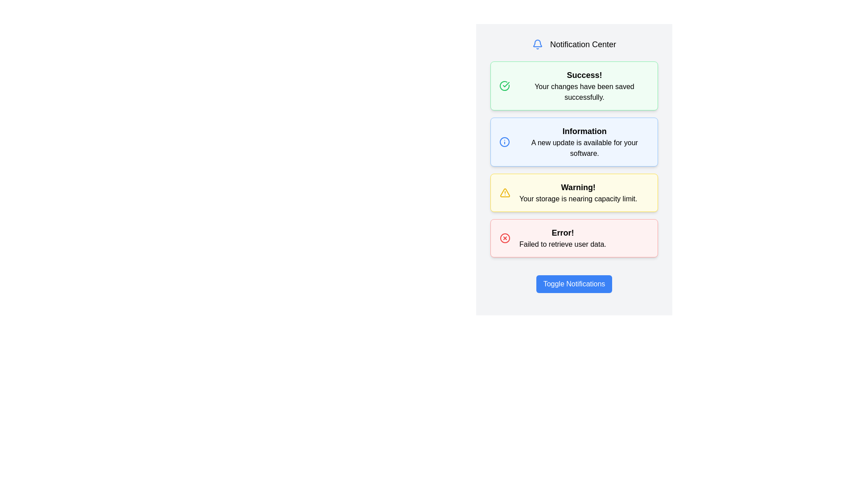 This screenshot has width=856, height=481. What do you see at coordinates (505, 142) in the screenshot?
I see `the informational message icon located in the notification box, which is the leftmost component adjacent to the notification title and text` at bounding box center [505, 142].